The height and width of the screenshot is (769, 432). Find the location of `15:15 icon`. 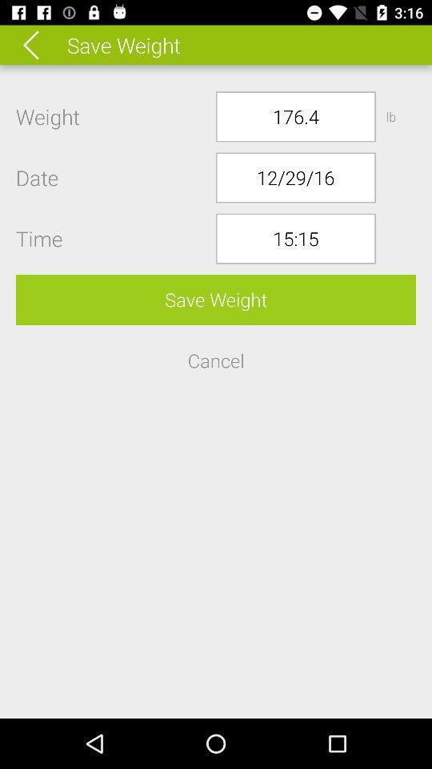

15:15 icon is located at coordinates (294, 238).